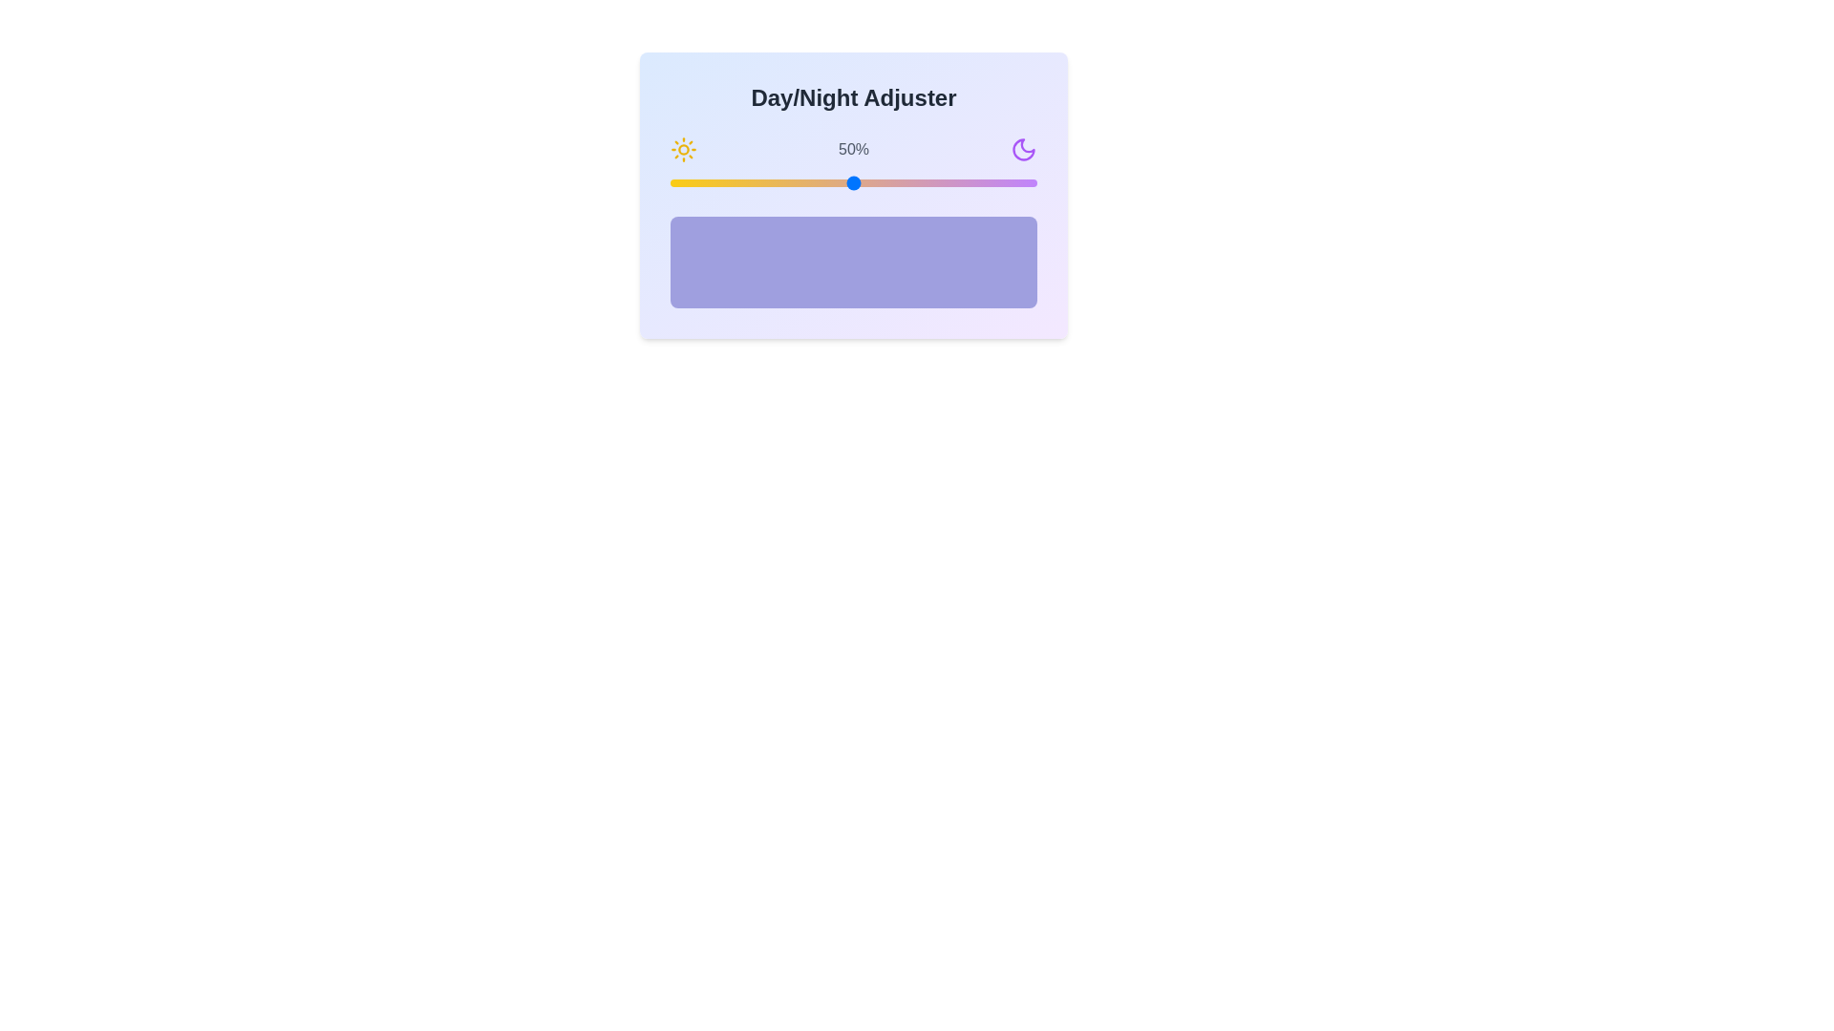  I want to click on the day/night slider to 75%, so click(945, 183).